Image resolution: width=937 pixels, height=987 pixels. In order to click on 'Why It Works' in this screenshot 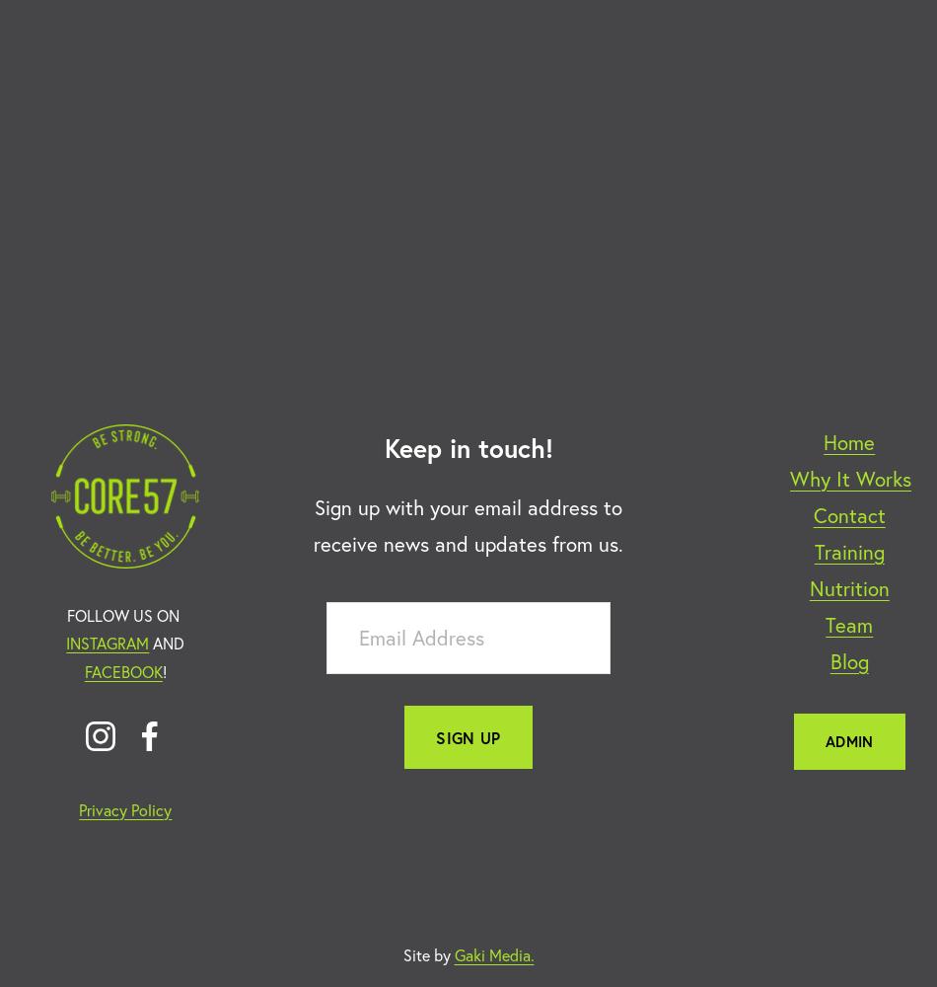, I will do `click(848, 477)`.